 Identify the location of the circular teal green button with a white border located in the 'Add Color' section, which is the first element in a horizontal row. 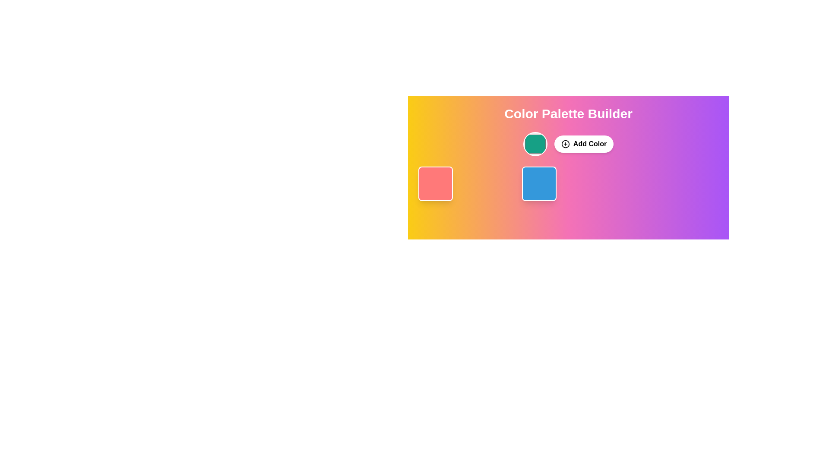
(535, 144).